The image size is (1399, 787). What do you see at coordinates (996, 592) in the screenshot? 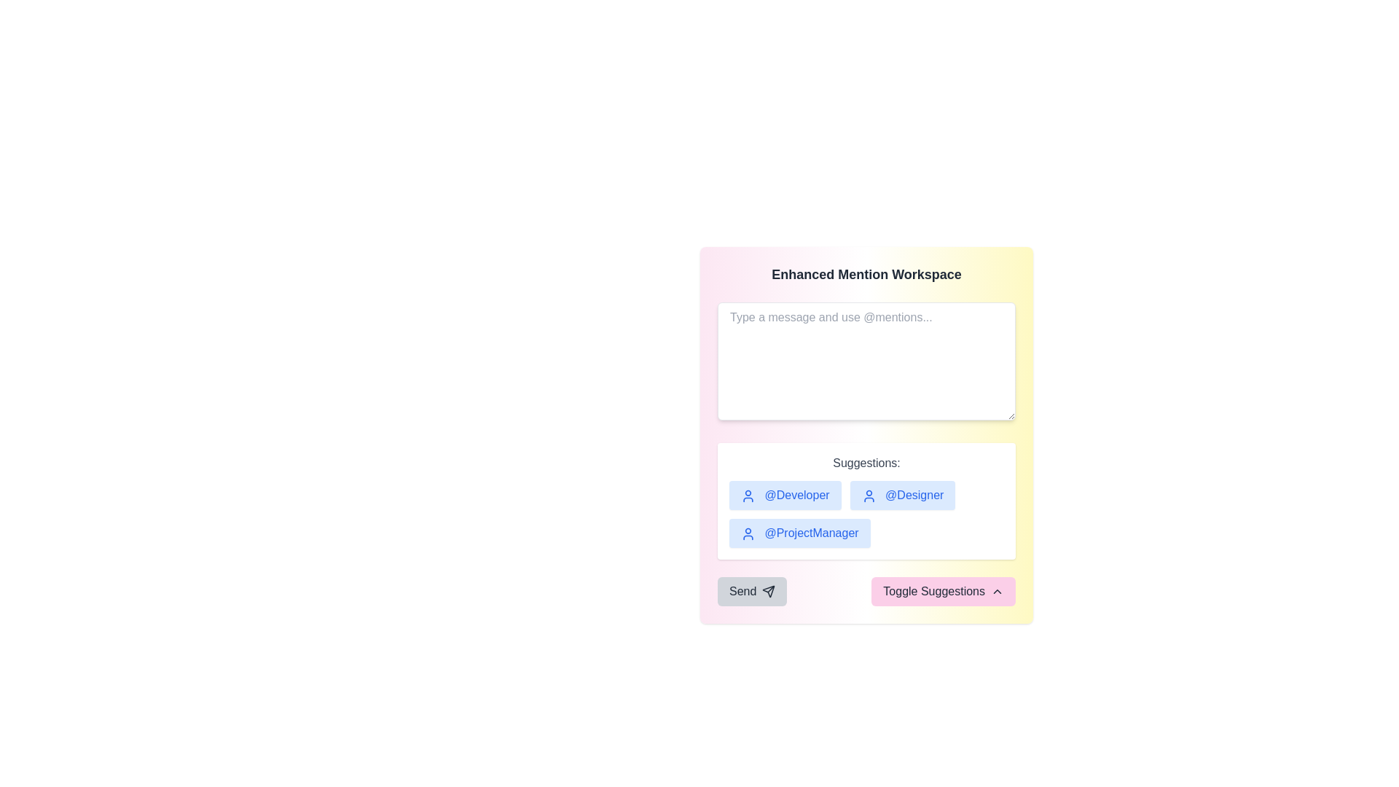
I see `the chevron icon located at the right-hand side of the 'Toggle Suggestions' button to indicate that it can be clicked to expand or collapse the section` at bounding box center [996, 592].